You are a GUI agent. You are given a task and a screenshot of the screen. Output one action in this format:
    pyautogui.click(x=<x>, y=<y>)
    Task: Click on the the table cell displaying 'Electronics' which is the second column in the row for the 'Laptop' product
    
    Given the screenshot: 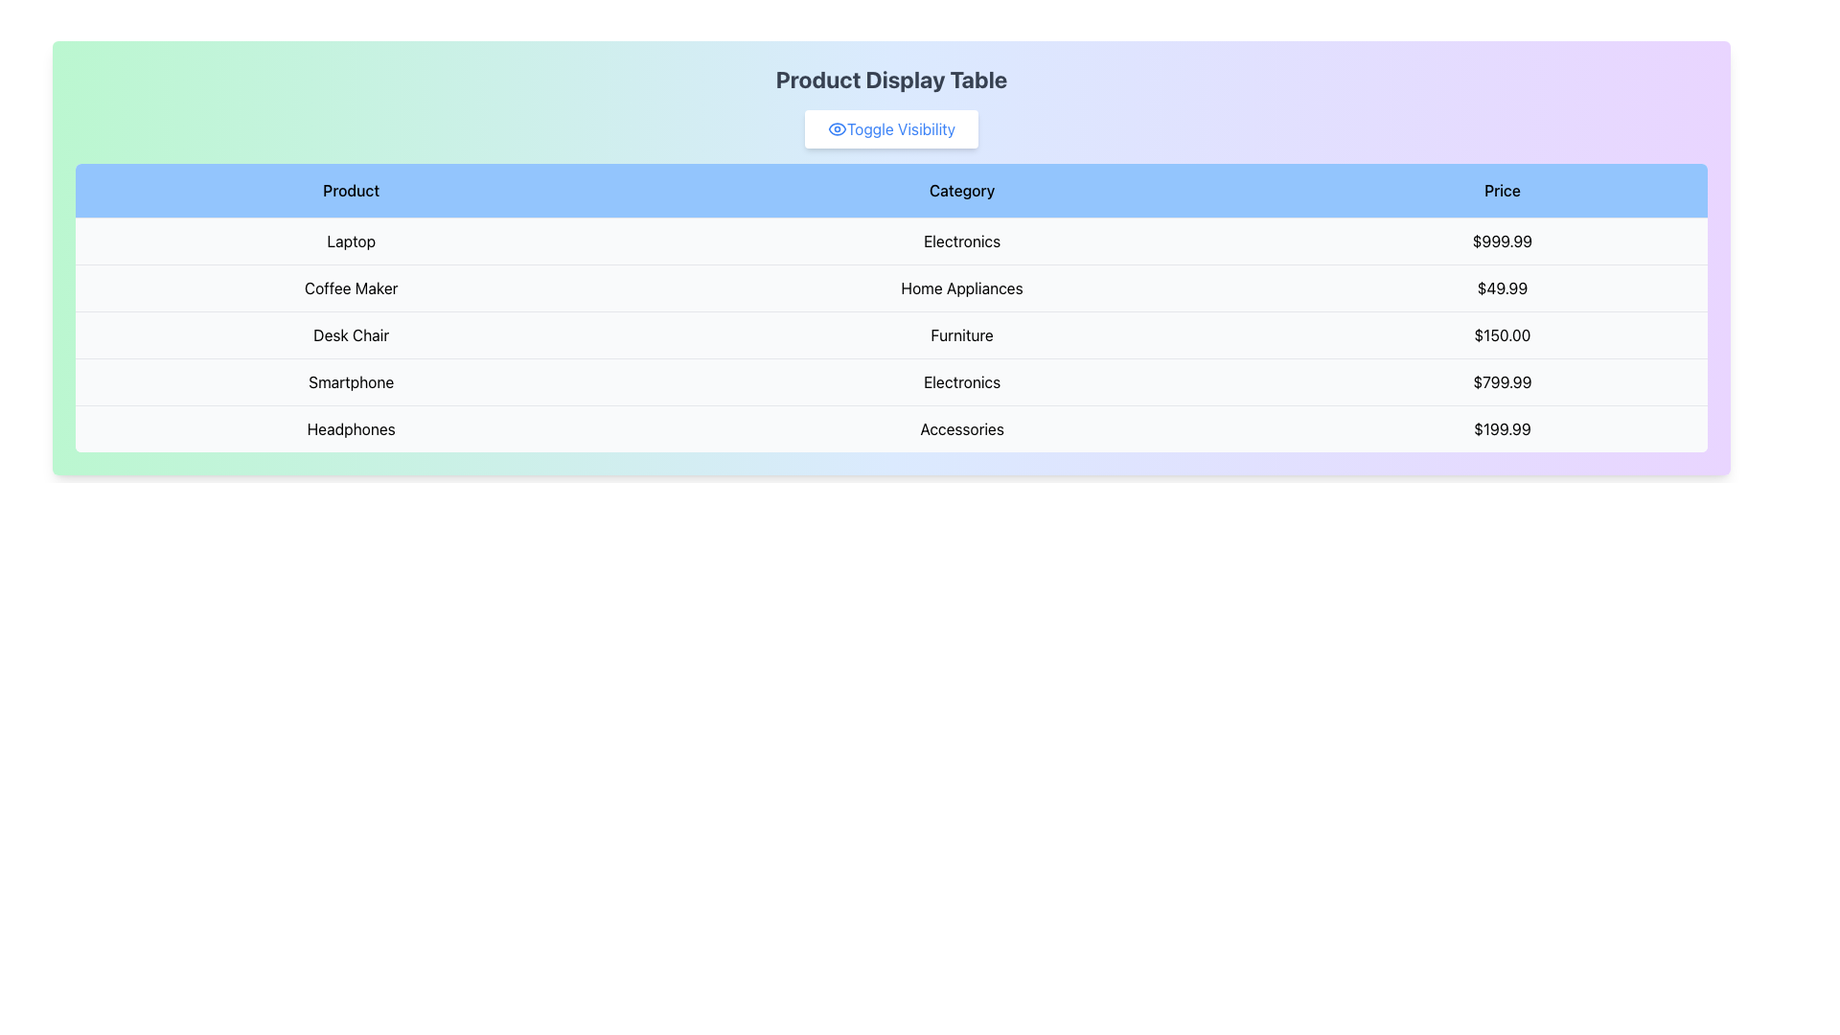 What is the action you would take?
    pyautogui.click(x=962, y=240)
    